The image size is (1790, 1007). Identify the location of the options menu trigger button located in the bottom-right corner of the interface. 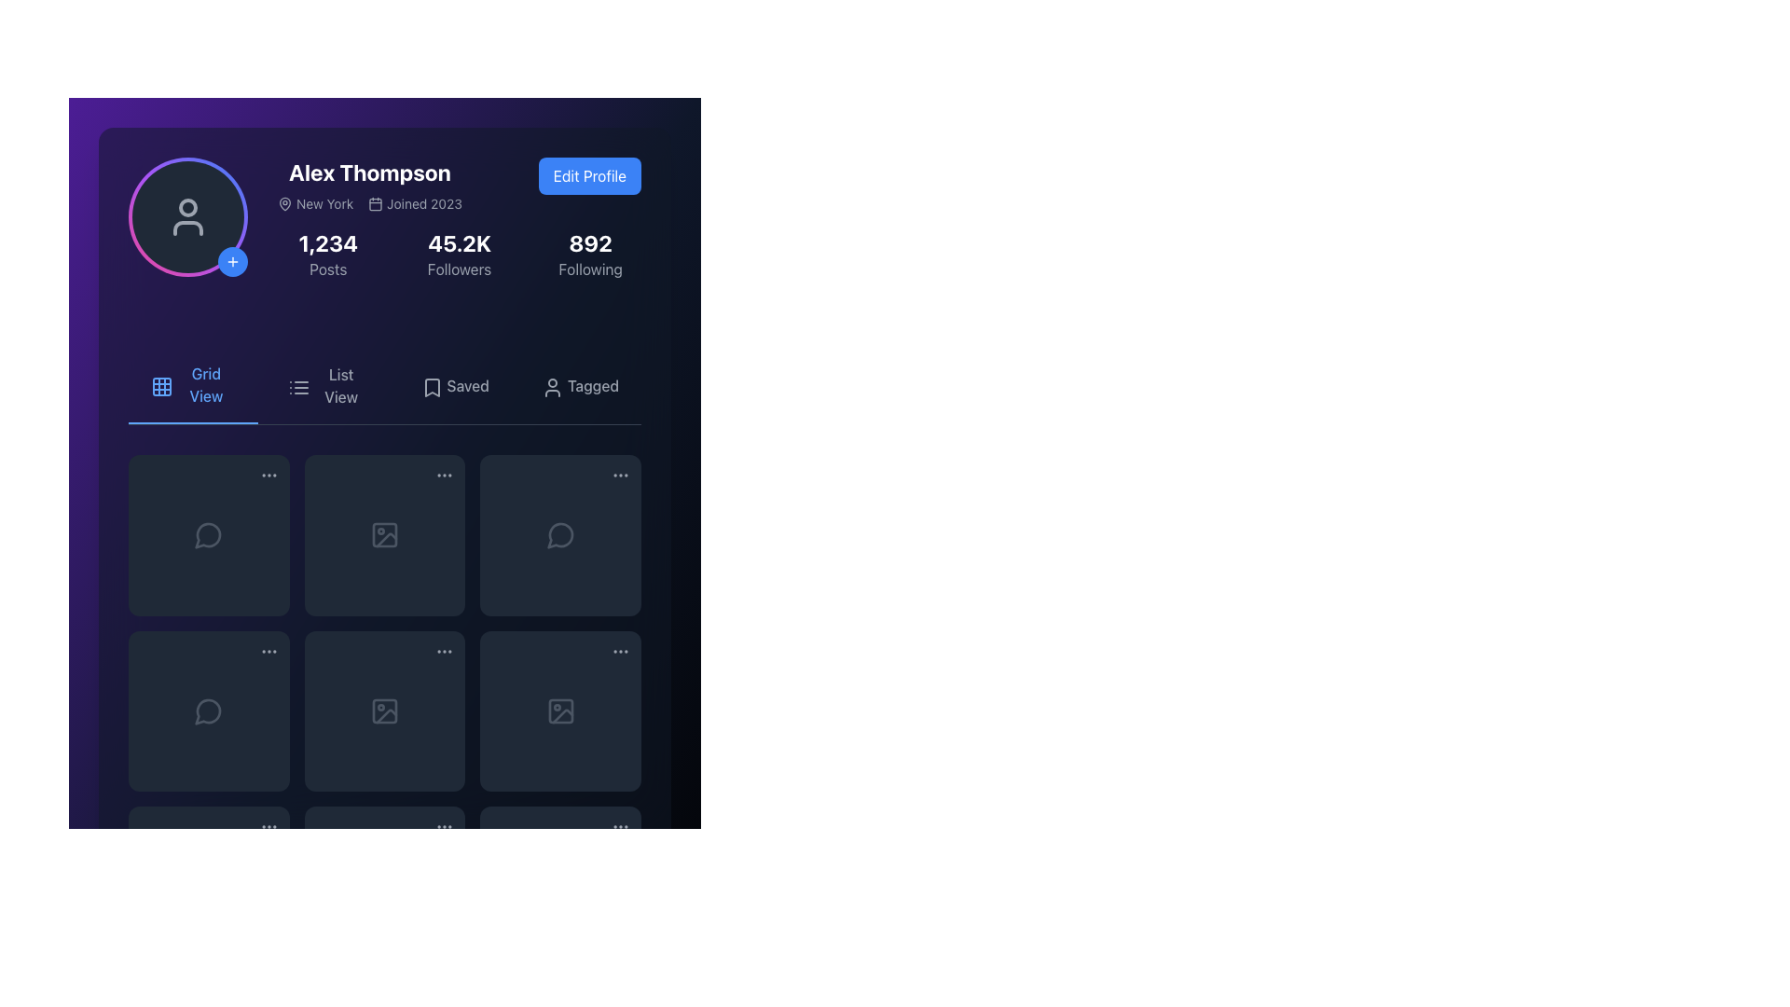
(621, 826).